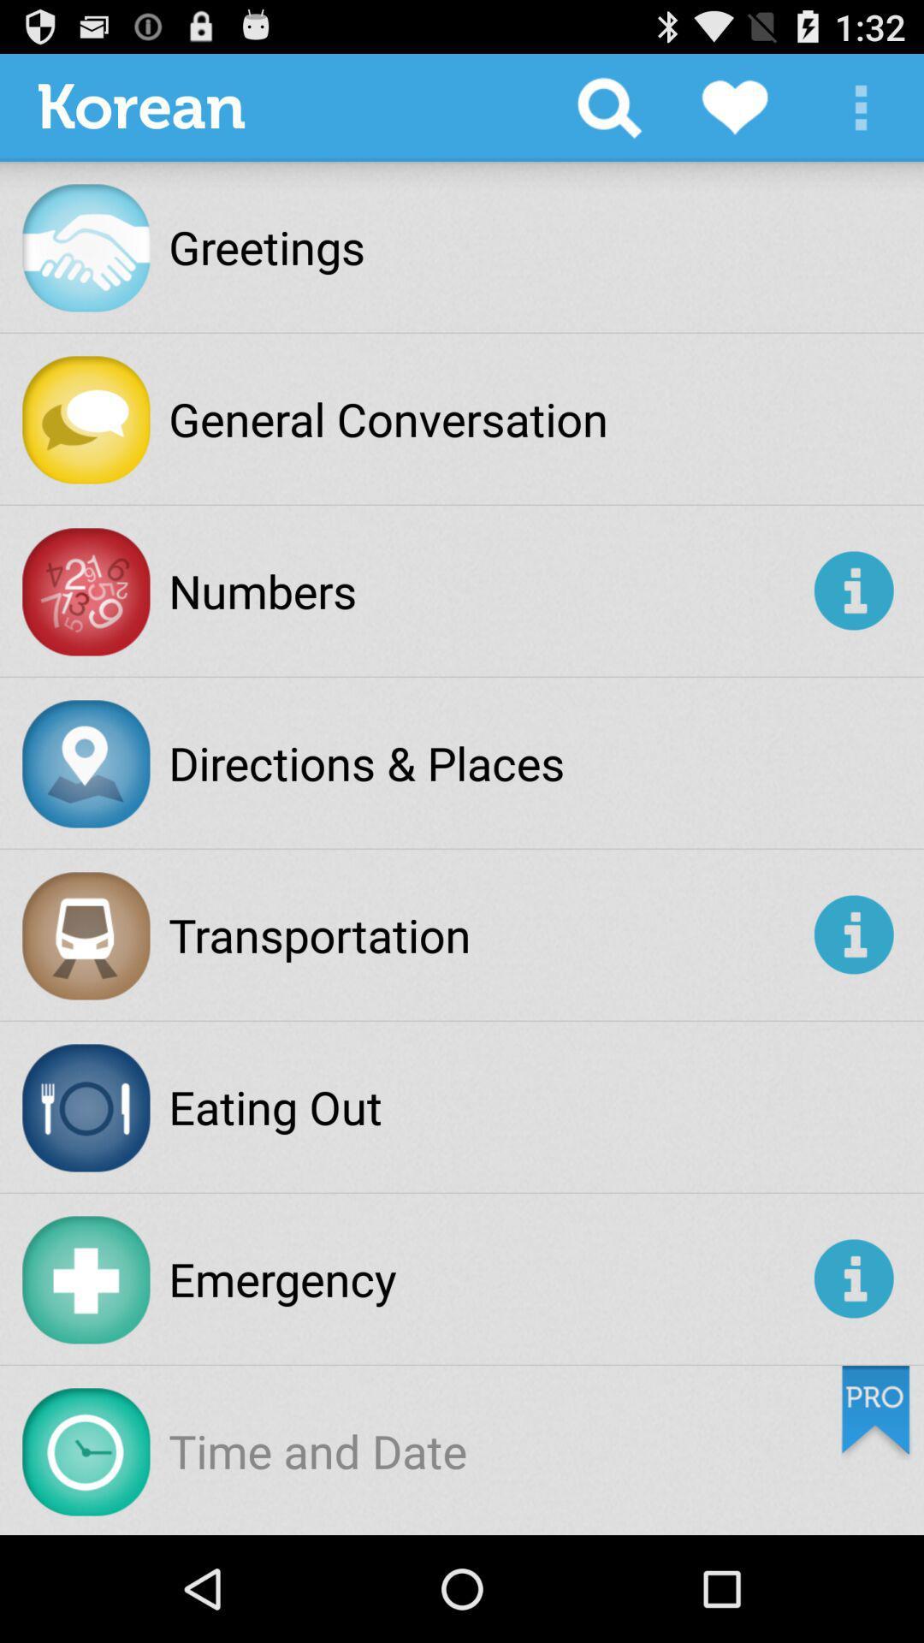 The image size is (924, 1643). What do you see at coordinates (275, 1106) in the screenshot?
I see `the eating out item` at bounding box center [275, 1106].